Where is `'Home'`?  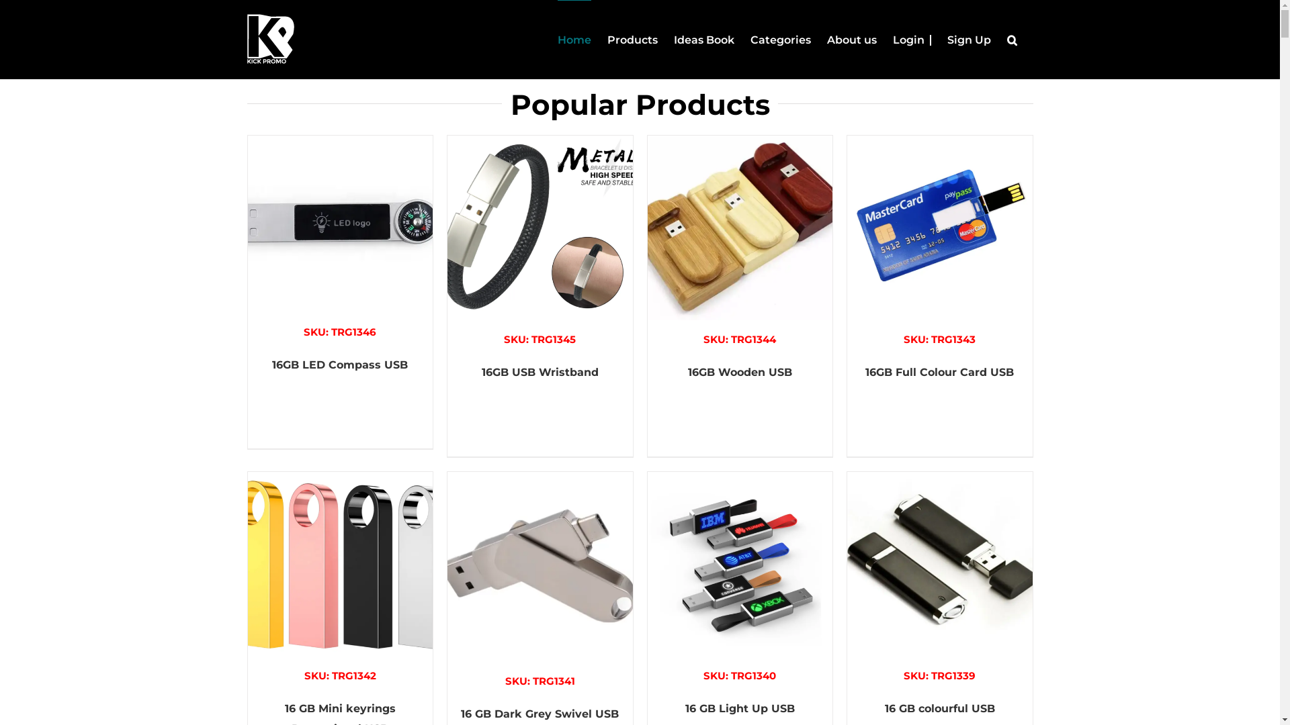 'Home' is located at coordinates (574, 38).